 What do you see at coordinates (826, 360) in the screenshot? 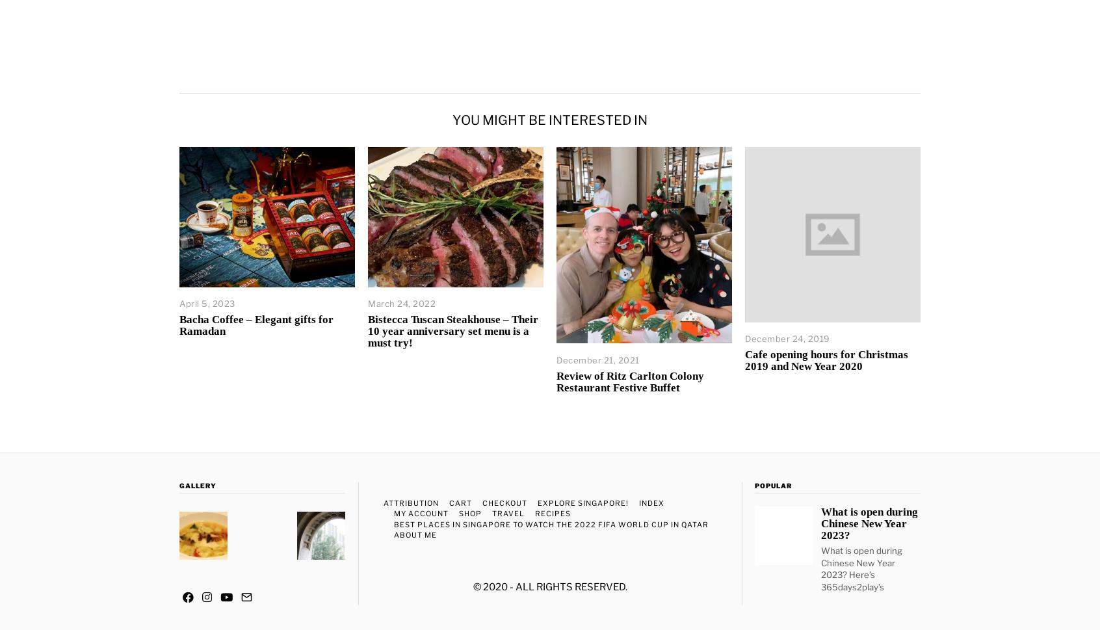
I see `'Cafe opening hours for Christmas 2019 and New Year 2020'` at bounding box center [826, 360].